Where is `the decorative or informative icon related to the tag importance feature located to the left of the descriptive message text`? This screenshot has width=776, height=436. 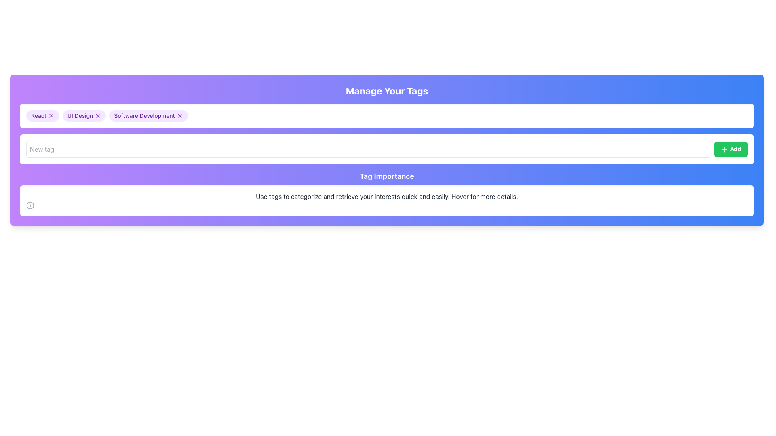
the decorative or informative icon related to the tag importance feature located to the left of the descriptive message text is located at coordinates (30, 205).